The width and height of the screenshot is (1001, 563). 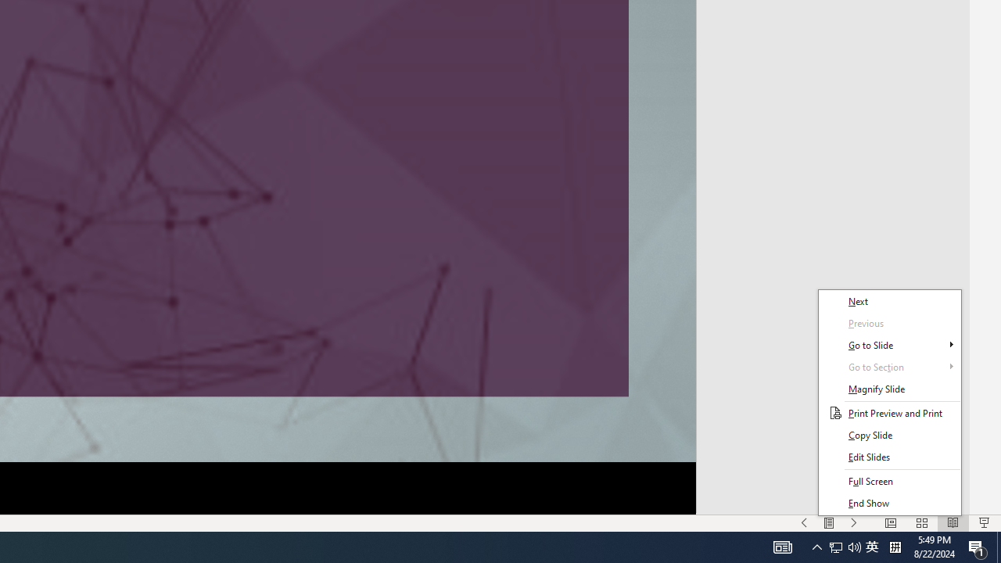 I want to click on 'Action Center, 1 new notification', so click(x=978, y=546).